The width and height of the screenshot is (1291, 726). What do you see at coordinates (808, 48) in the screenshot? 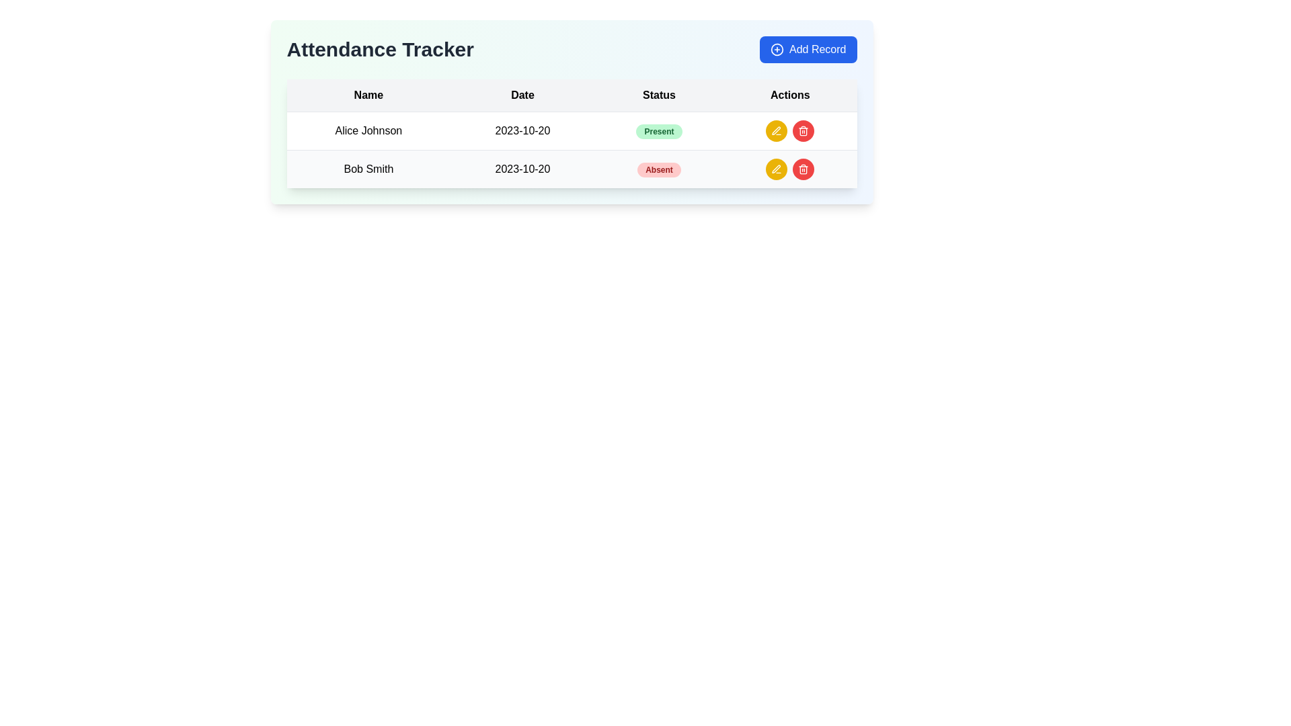
I see `the 'Add Record' button, which has a bright blue background, rounded corners, and white text, located at the top-right part of the interface under the 'Attendance Tracker' title` at bounding box center [808, 48].